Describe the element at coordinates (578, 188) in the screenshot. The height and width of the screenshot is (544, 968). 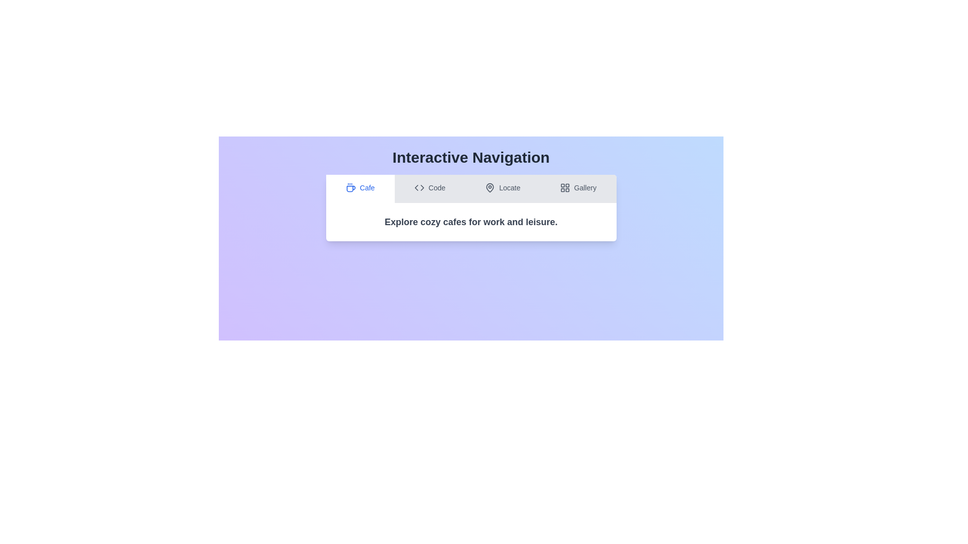
I see `the tab labeled Gallery` at that location.